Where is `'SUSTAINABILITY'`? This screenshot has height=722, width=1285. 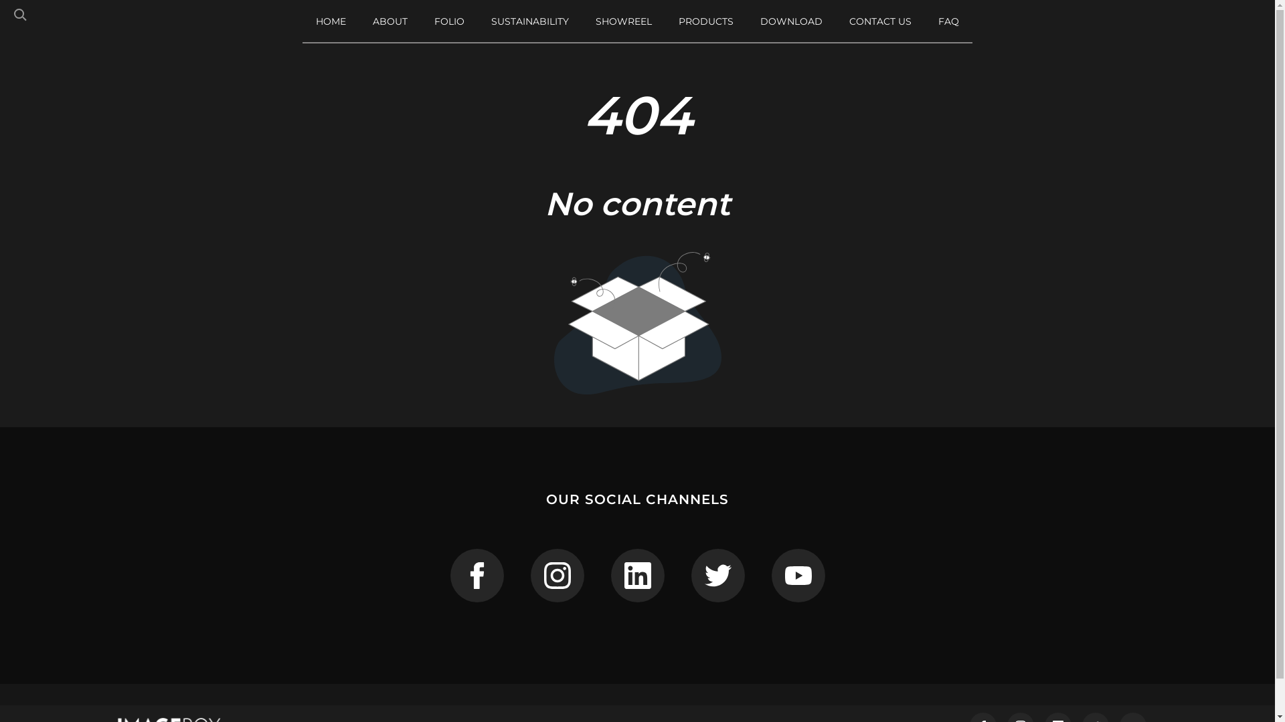 'SUSTAINABILITY' is located at coordinates (529, 21).